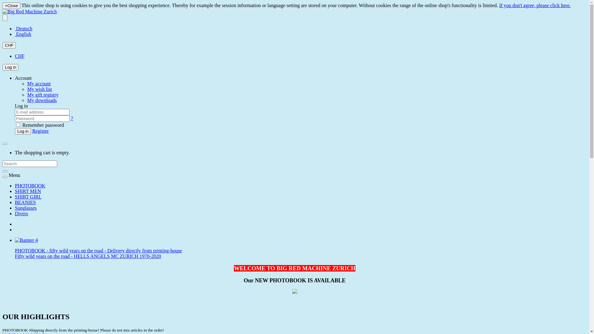 The height and width of the screenshot is (334, 594). Describe the element at coordinates (27, 95) in the screenshot. I see `'My gift registry'` at that location.